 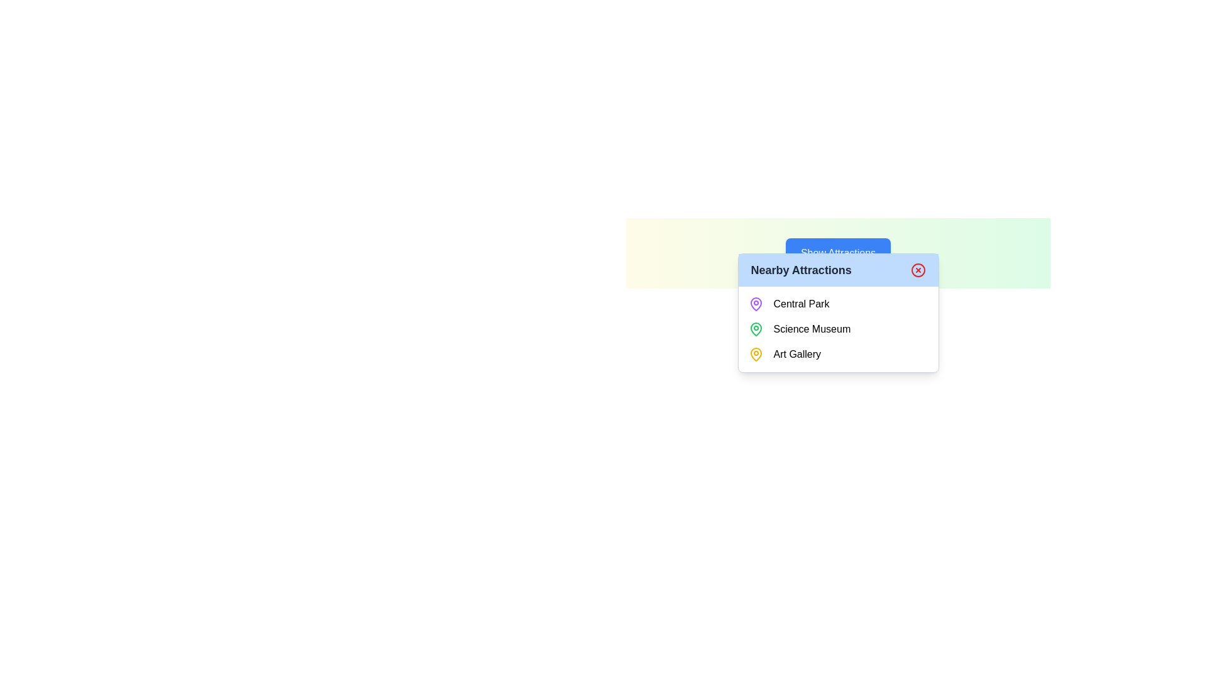 I want to click on title of the header that contains the close button for the section displaying nearby points of interest, so click(x=838, y=269).